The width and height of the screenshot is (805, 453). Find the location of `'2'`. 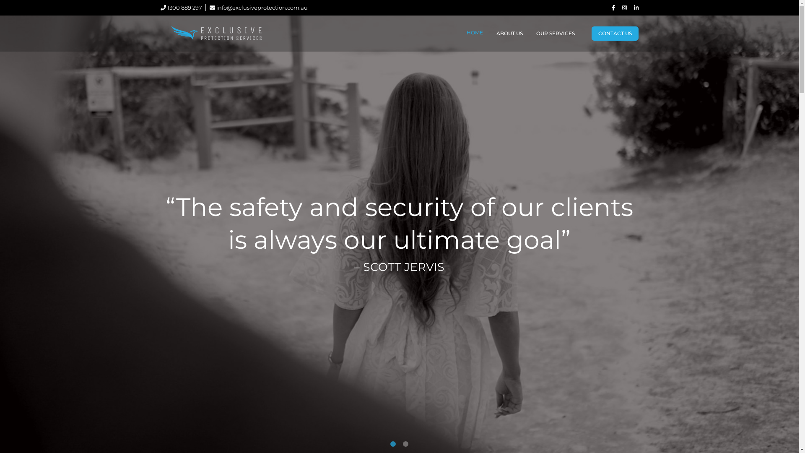

'2' is located at coordinates (401, 444).